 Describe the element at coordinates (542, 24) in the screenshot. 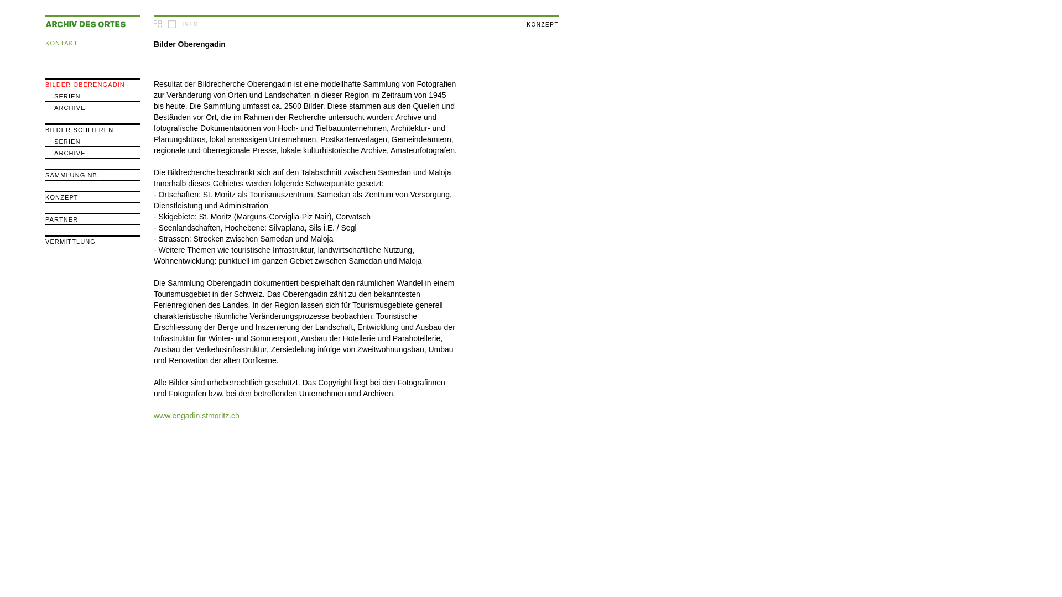

I see `'KONZEPT'` at that location.